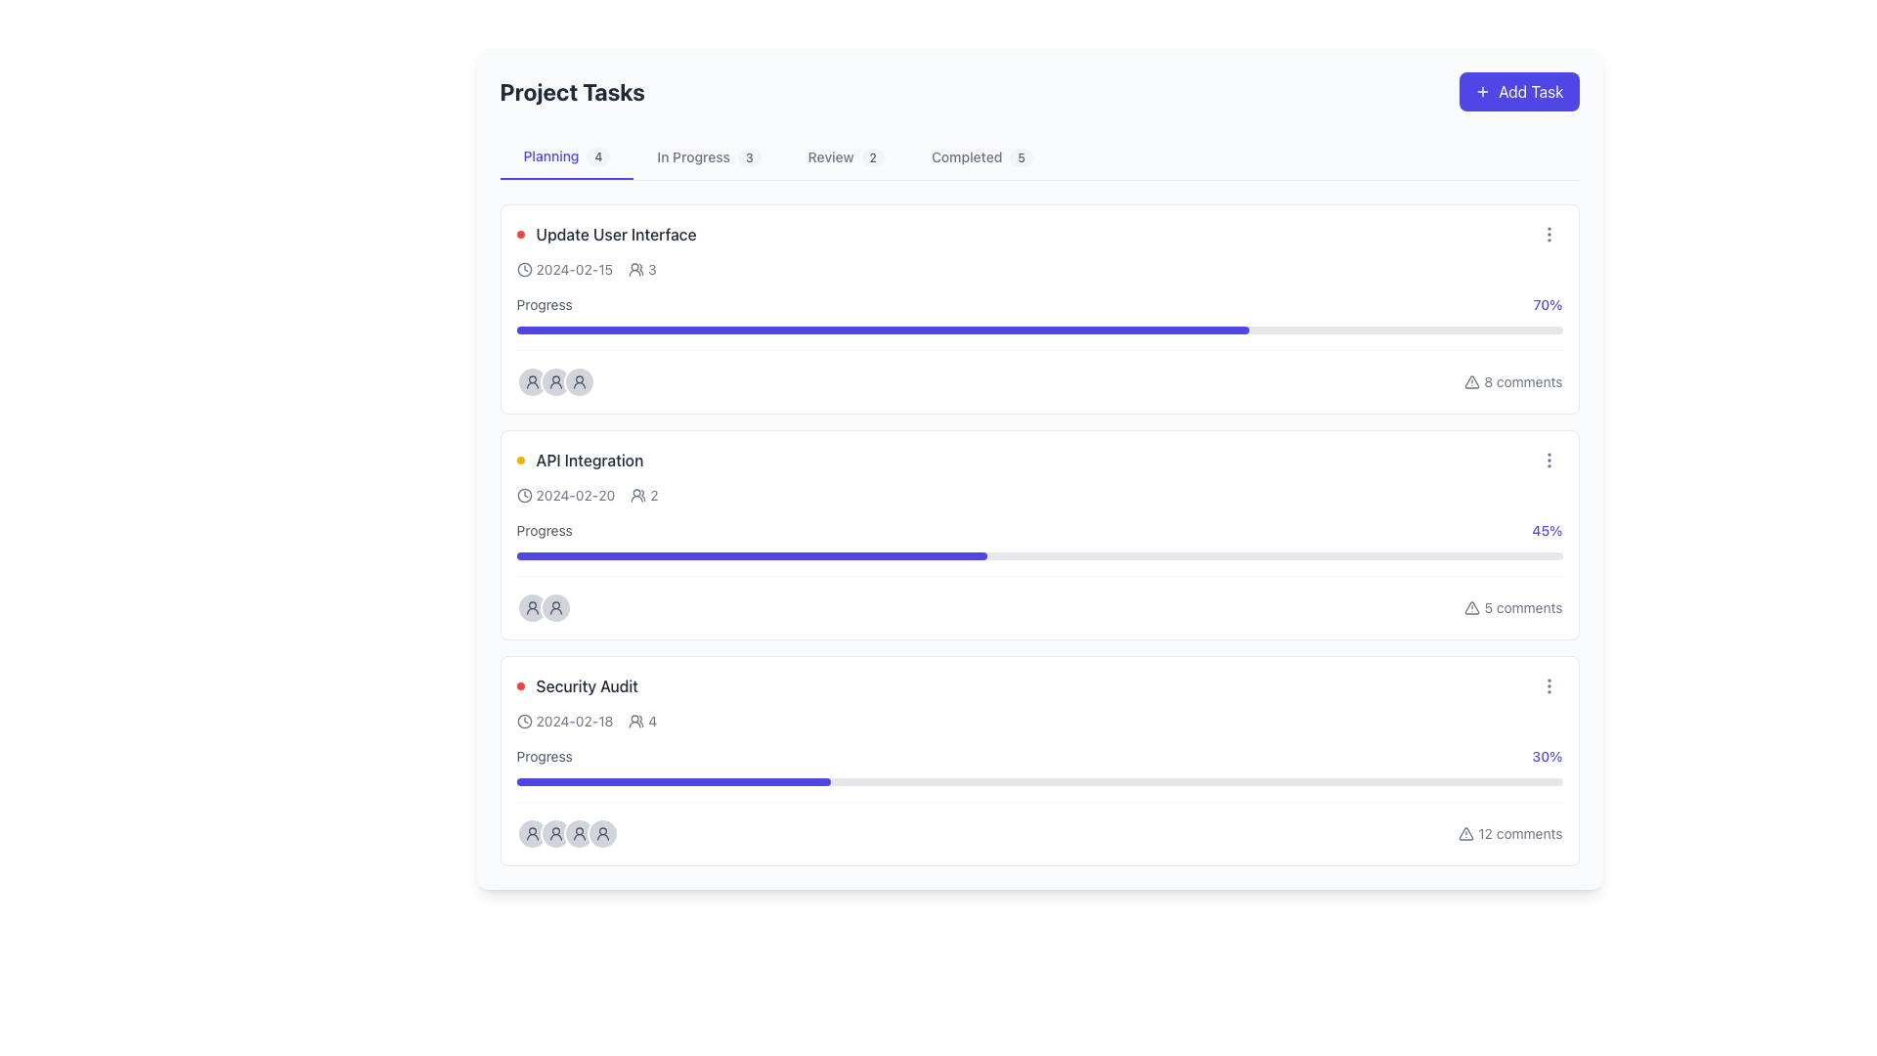 The width and height of the screenshot is (1877, 1056). I want to click on the user's avatar icon located in the rightmost position of the row of four user avatars within the 'Security Audit' task card, so click(532, 833).